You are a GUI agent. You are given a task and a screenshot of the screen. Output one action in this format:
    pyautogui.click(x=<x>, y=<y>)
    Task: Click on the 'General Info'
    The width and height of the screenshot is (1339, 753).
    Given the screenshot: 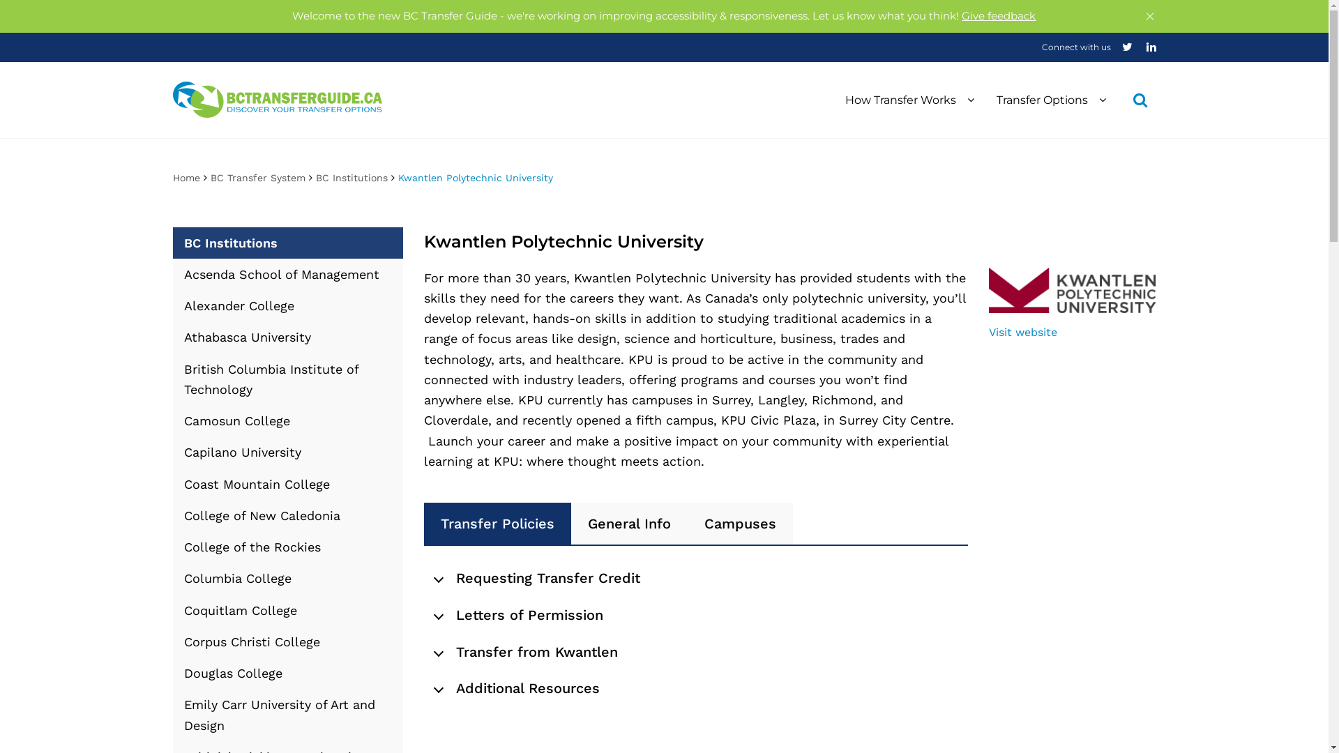 What is the action you would take?
    pyautogui.click(x=628, y=524)
    